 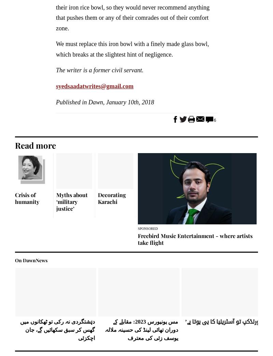 What do you see at coordinates (27, 197) in the screenshot?
I see `'Crisis of humanity'` at bounding box center [27, 197].